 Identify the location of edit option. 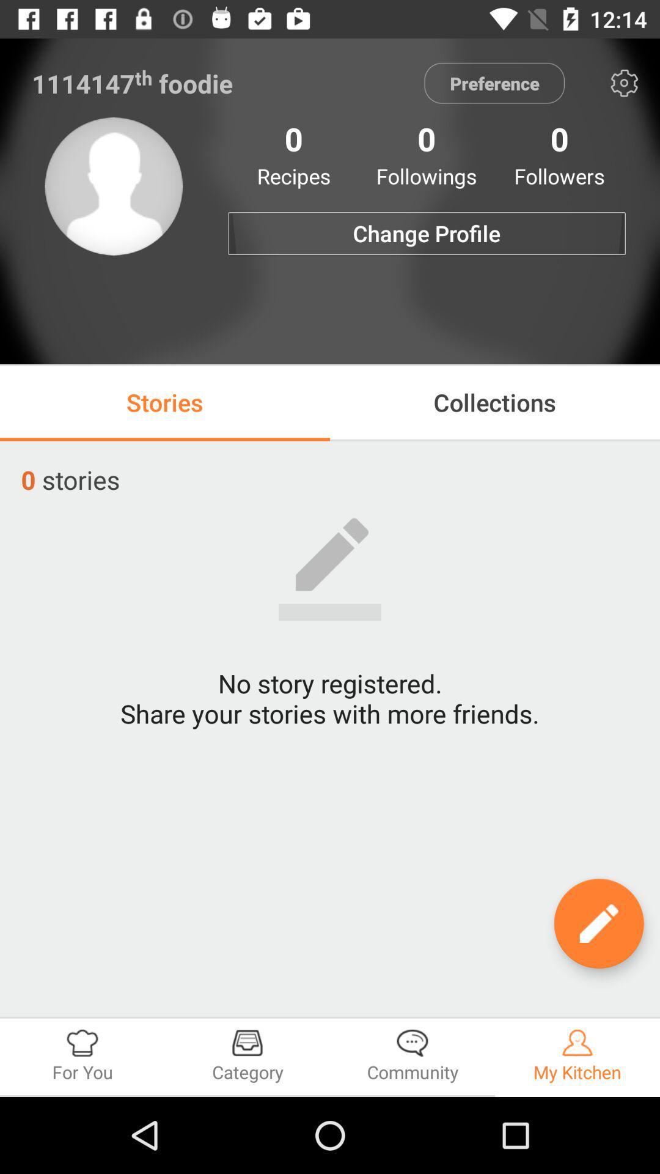
(598, 923).